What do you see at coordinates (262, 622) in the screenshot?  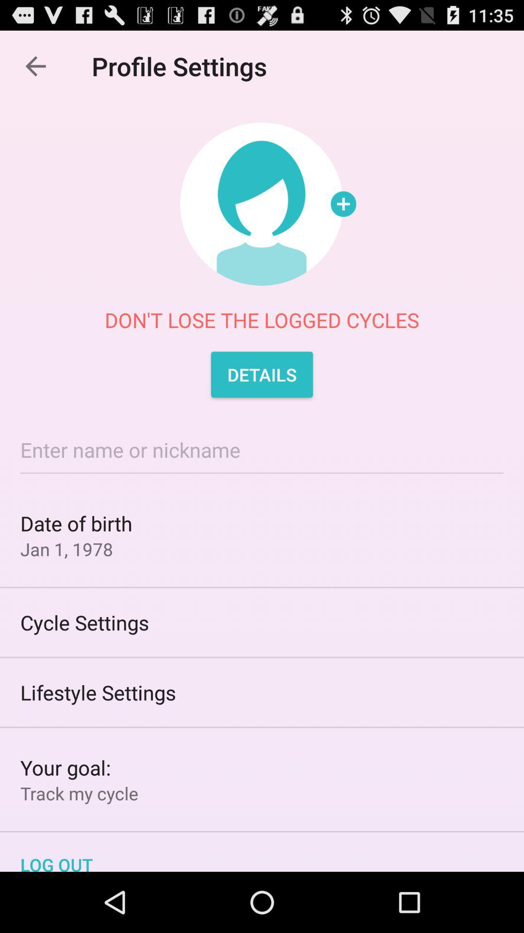 I see `the cycle settings item` at bounding box center [262, 622].